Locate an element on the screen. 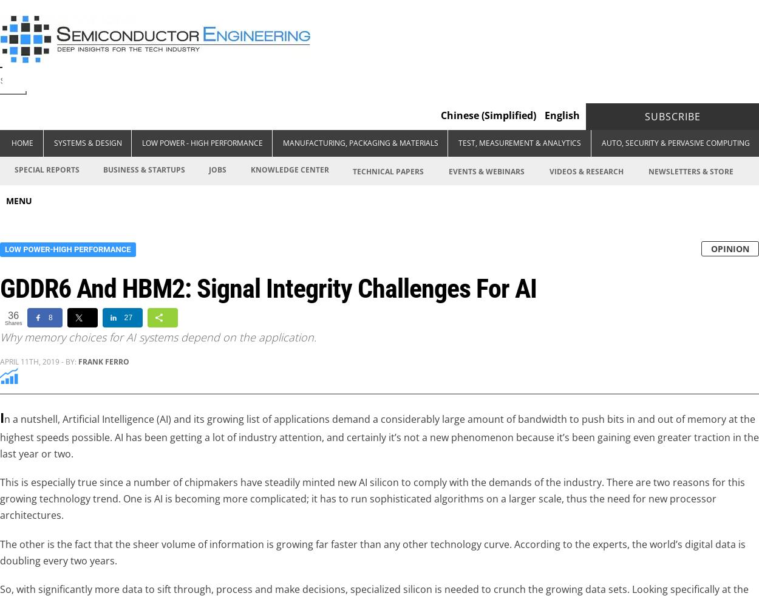  'Systems & Design' is located at coordinates (87, 142).